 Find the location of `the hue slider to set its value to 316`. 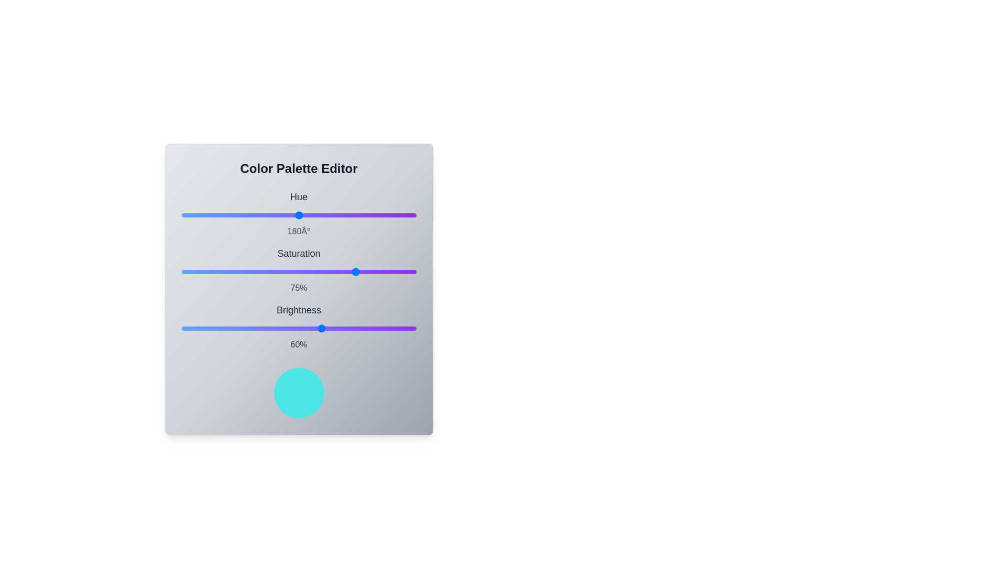

the hue slider to set its value to 316 is located at coordinates (387, 215).